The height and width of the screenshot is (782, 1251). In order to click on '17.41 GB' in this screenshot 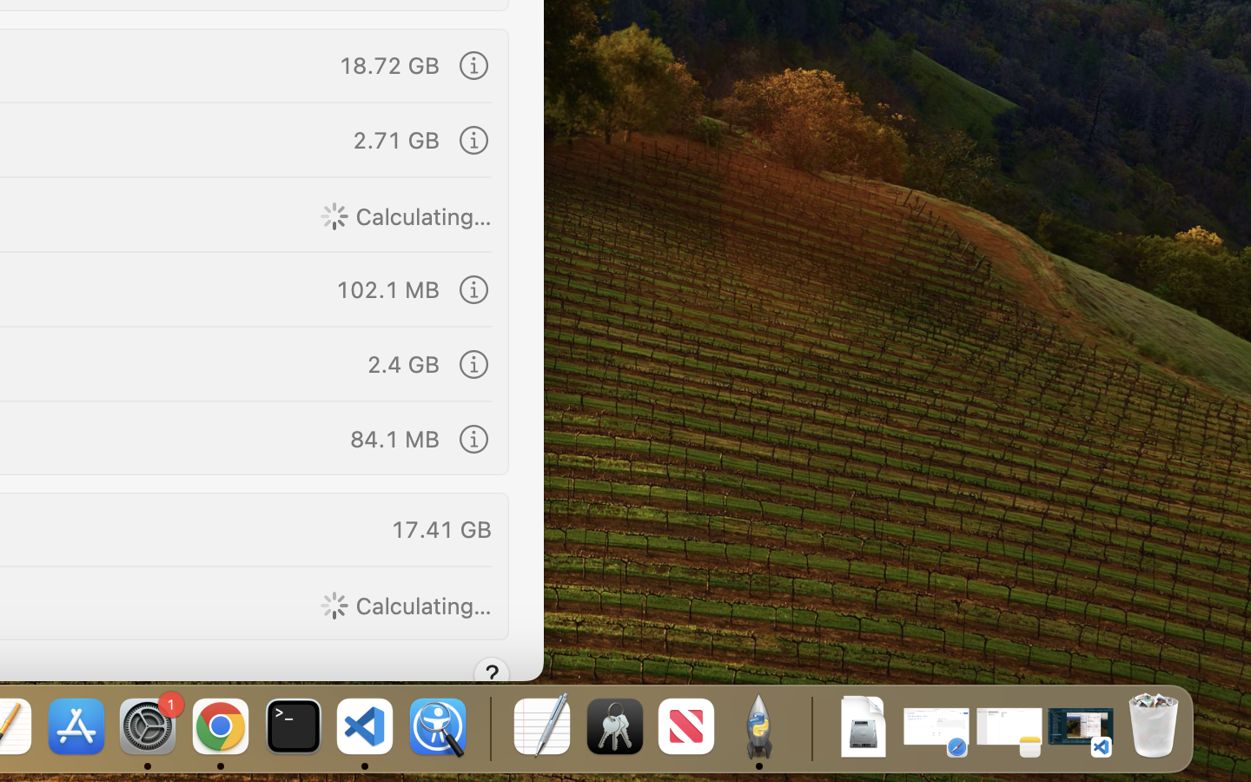, I will do `click(440, 528)`.